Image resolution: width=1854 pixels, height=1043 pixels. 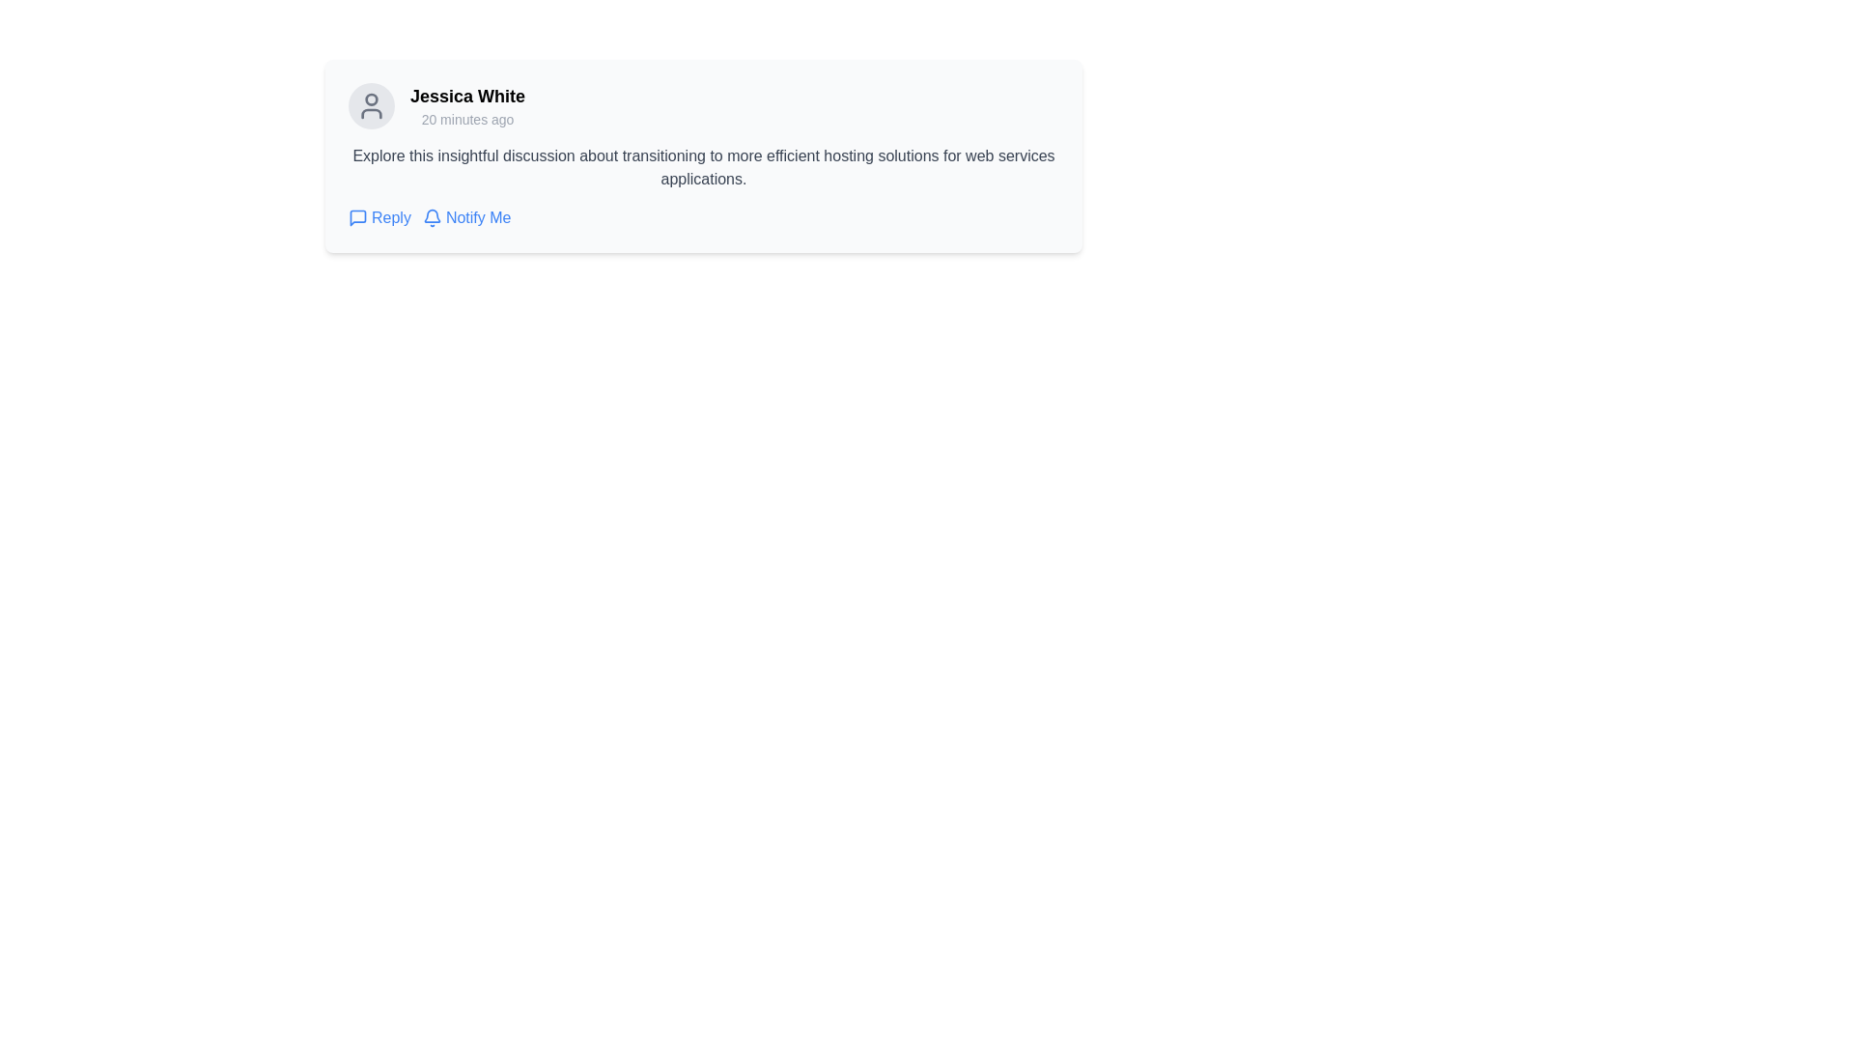 I want to click on the reply button (styled as a hyperlink with an icon), so click(x=379, y=217).